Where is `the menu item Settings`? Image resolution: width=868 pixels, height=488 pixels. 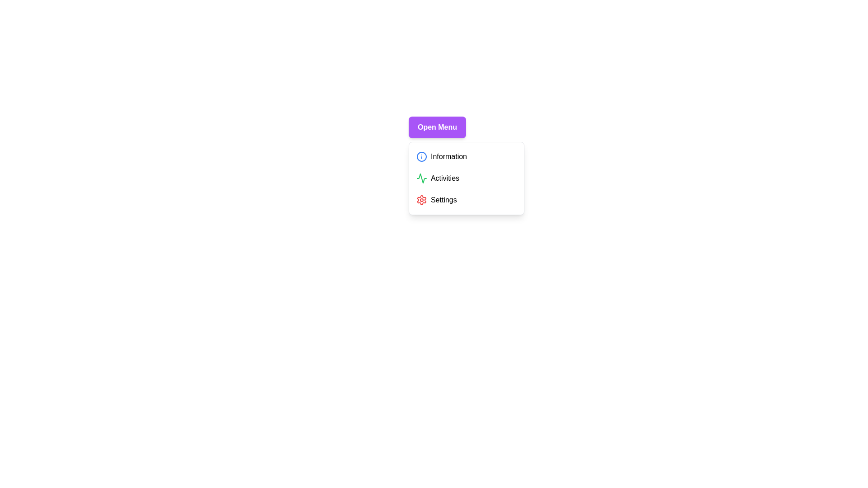
the menu item Settings is located at coordinates (467, 200).